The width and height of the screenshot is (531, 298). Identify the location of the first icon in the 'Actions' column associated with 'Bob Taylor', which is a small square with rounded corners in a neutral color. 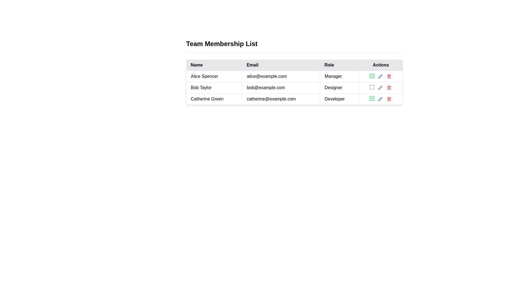
(372, 87).